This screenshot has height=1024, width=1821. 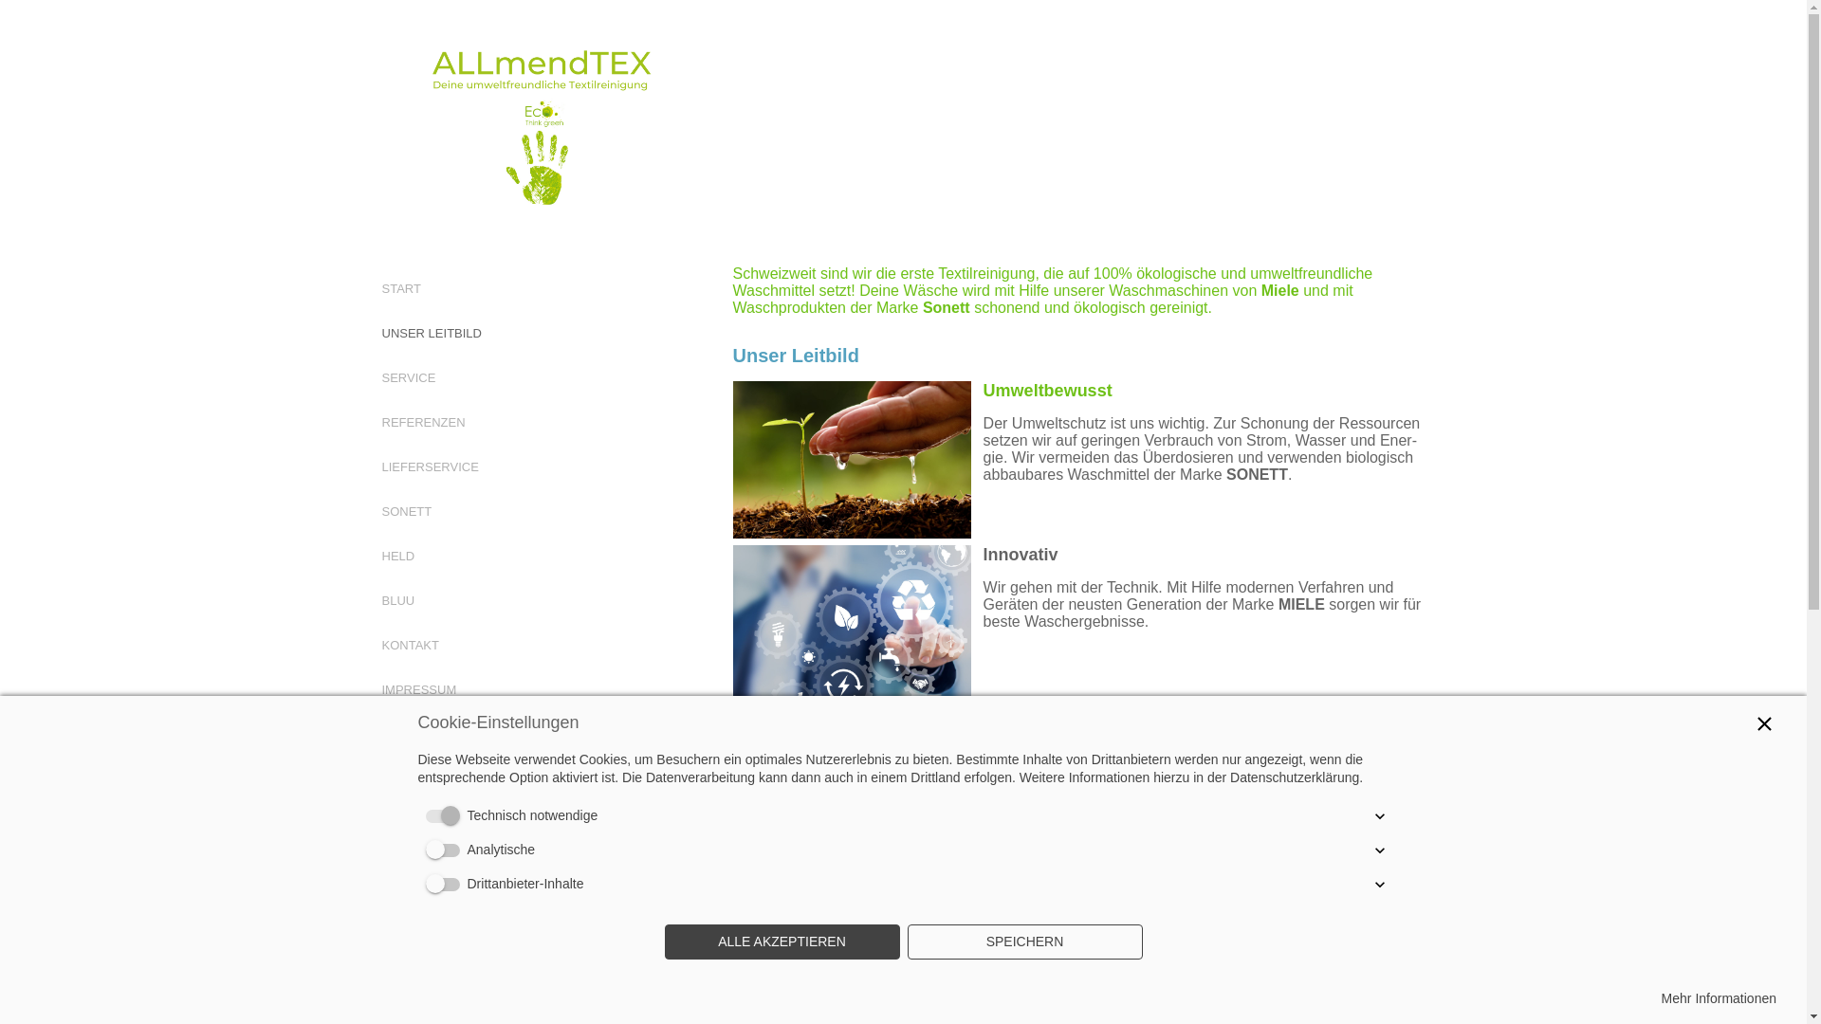 I want to click on 'IMPRESSUM', so click(x=417, y=689).